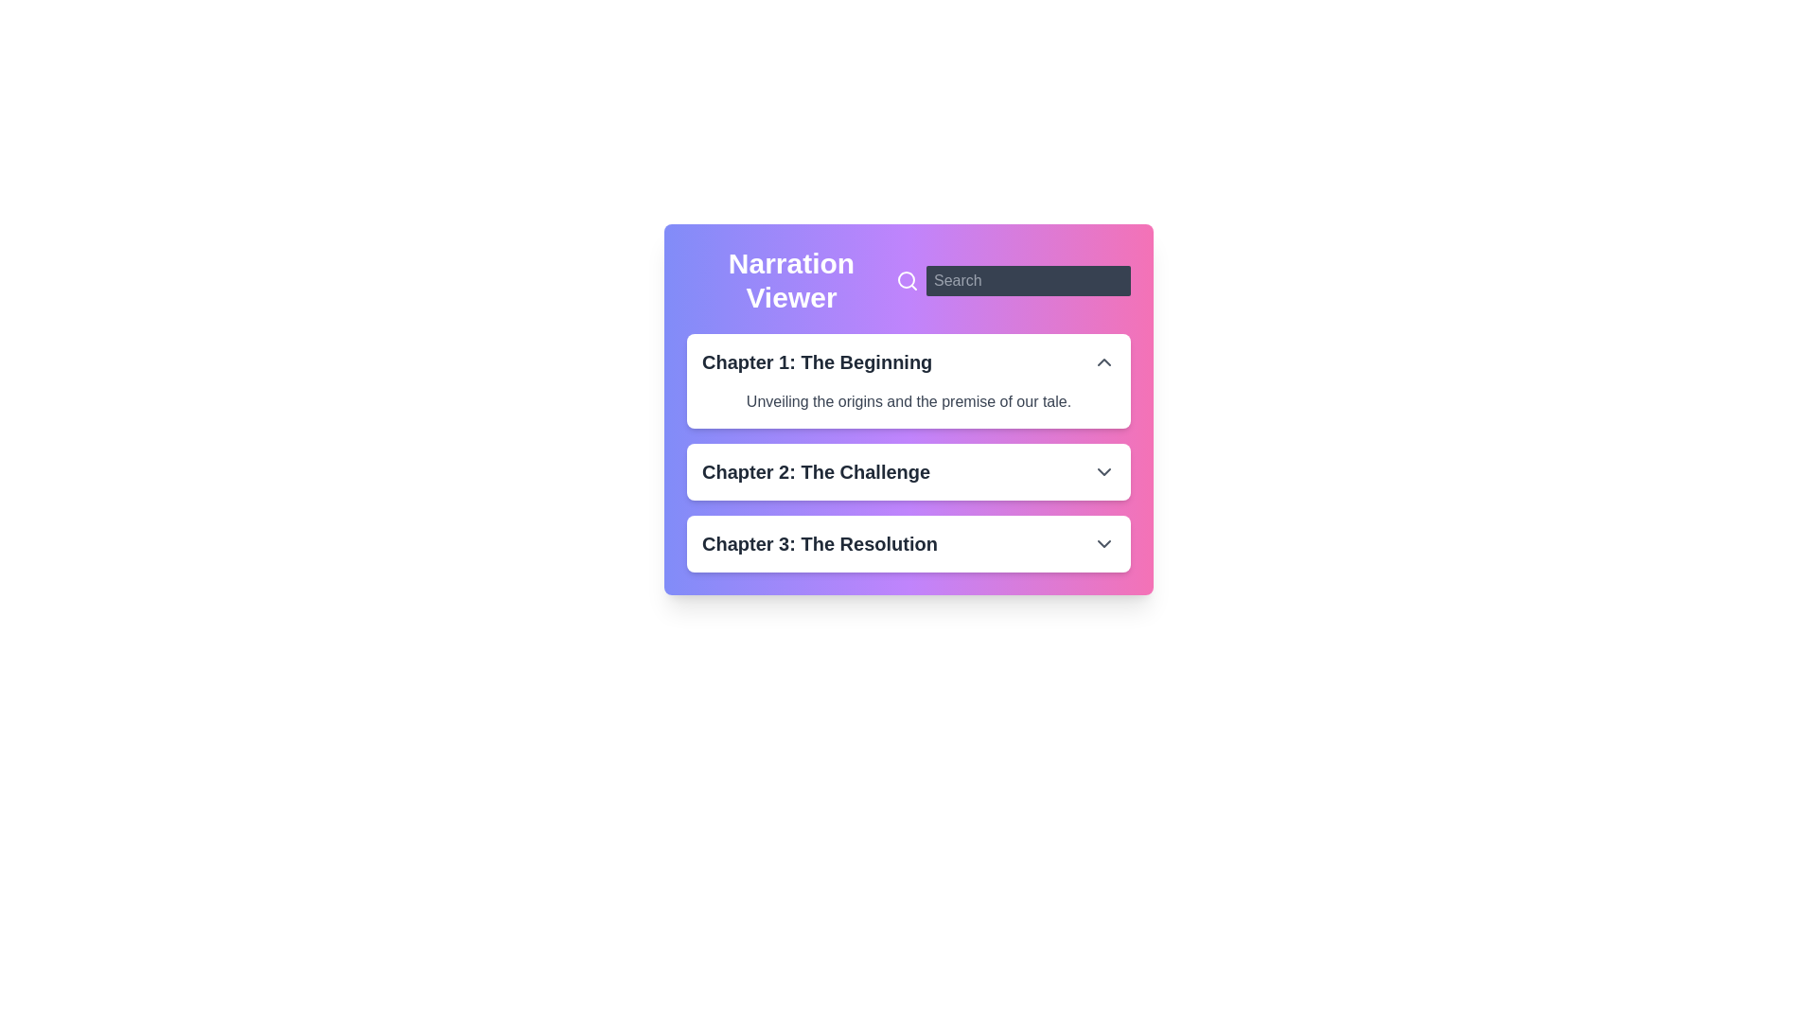 The width and height of the screenshot is (1817, 1022). What do you see at coordinates (1103, 470) in the screenshot?
I see `the downward-facing chevron icon button on the right side of the 'Chapter 2: The Challenge' header` at bounding box center [1103, 470].